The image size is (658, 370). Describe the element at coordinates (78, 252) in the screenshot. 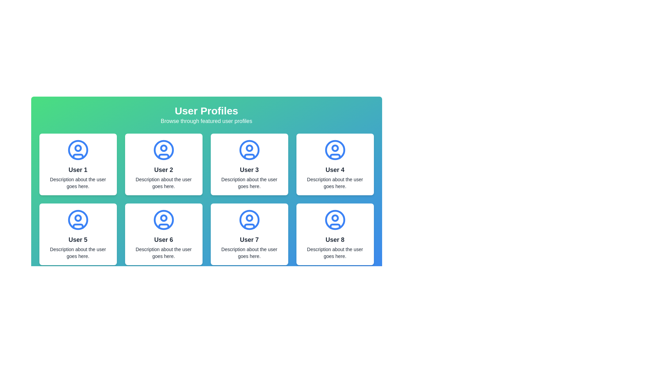

I see `the text element providing additional information about 'User 5', located at the bottom section of the user profile card, centered below the user's name` at that location.